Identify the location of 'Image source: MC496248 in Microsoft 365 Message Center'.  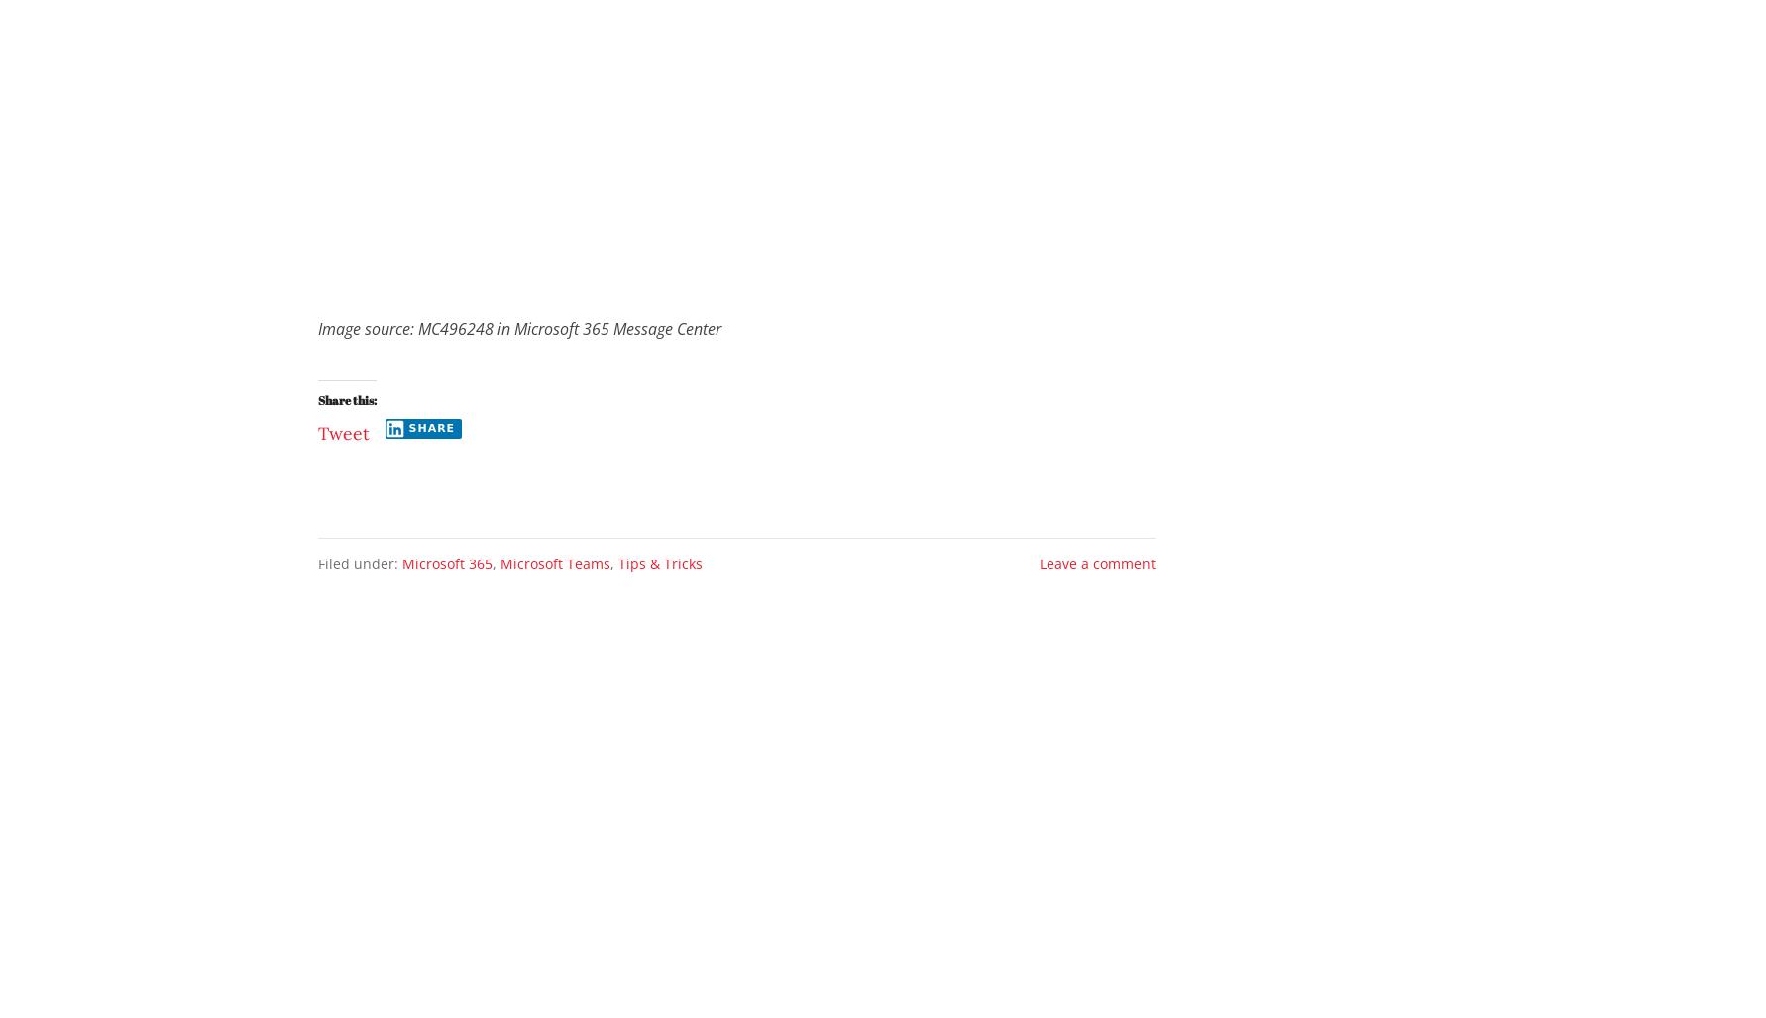
(518, 327).